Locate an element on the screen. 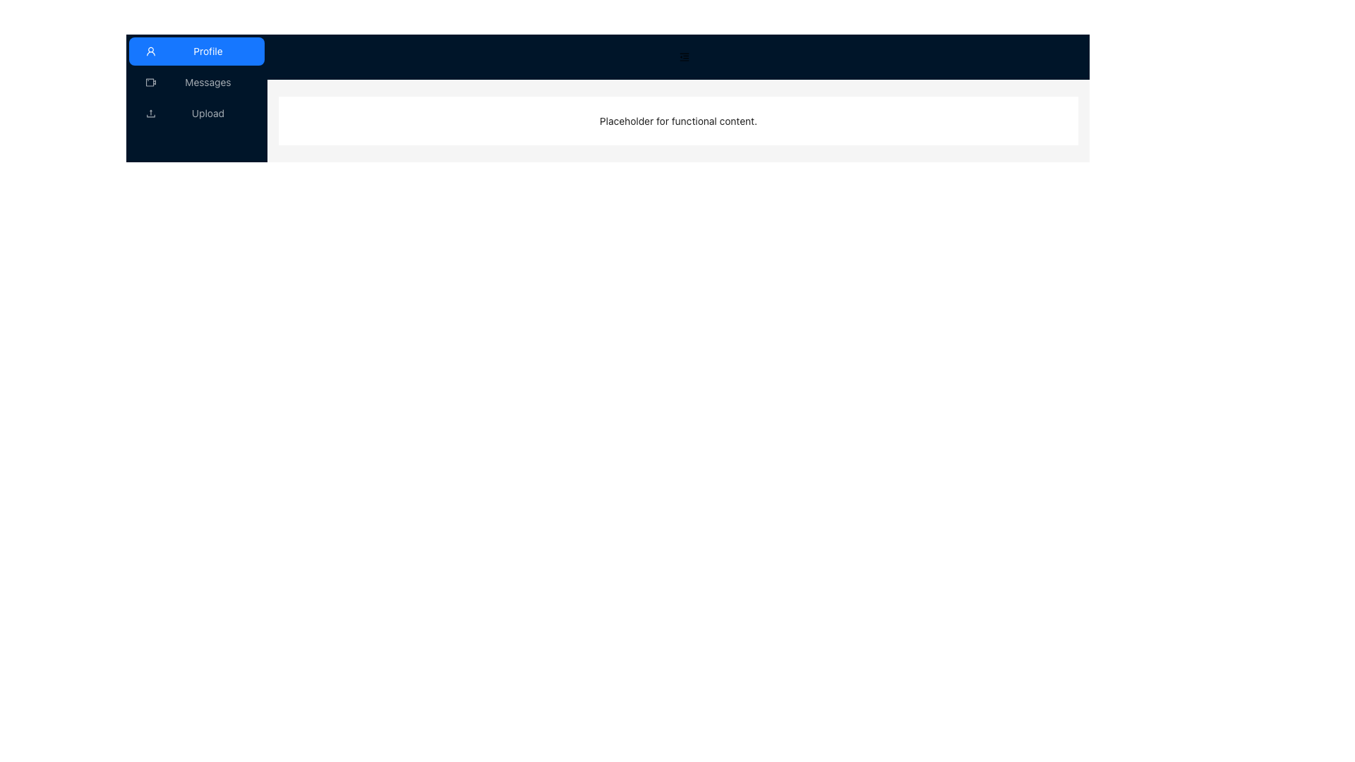 This screenshot has width=1355, height=762. the 'Messages' text label, which is a centered, horizontally-aligned element in light grey on a dark blue background, located in the vertical menu between 'Profile' and 'Upload' is located at coordinates (207, 82).